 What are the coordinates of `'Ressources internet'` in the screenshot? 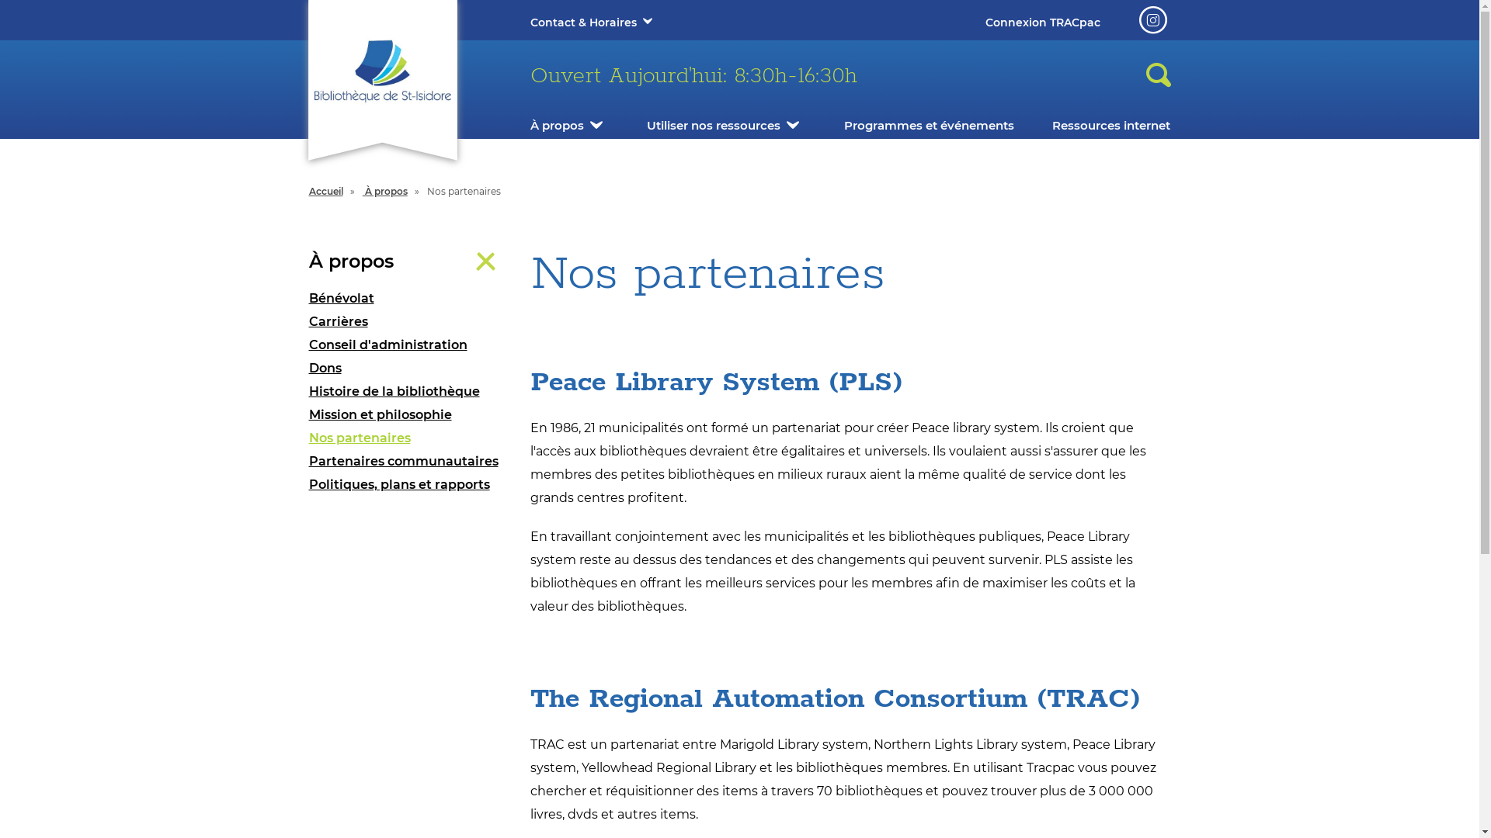 It's located at (1051, 124).